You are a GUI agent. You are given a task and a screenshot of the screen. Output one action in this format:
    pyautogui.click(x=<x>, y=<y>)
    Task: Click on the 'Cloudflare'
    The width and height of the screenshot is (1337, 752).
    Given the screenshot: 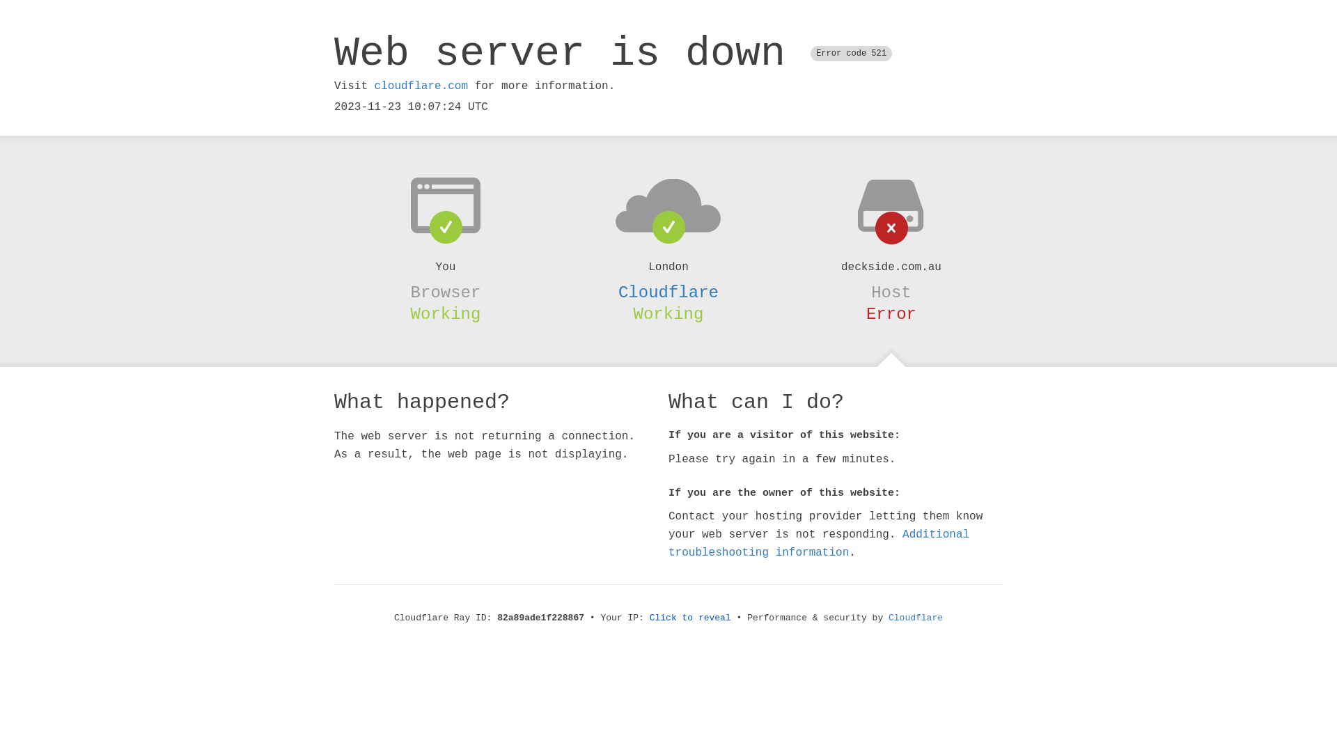 What is the action you would take?
    pyautogui.click(x=888, y=617)
    